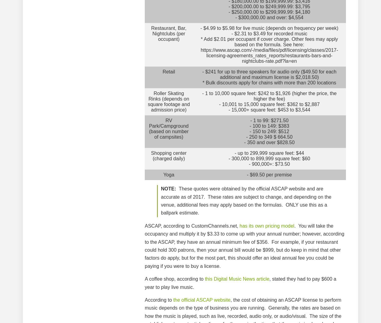  What do you see at coordinates (269, 175) in the screenshot?
I see `'- $69.50 per premise'` at bounding box center [269, 175].